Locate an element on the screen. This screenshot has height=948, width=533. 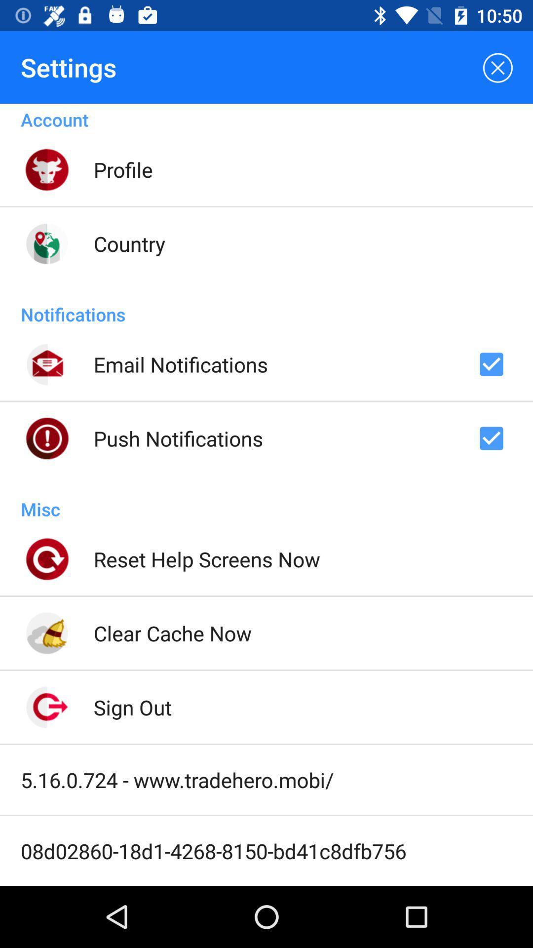
the icon above the misc is located at coordinates (178, 438).